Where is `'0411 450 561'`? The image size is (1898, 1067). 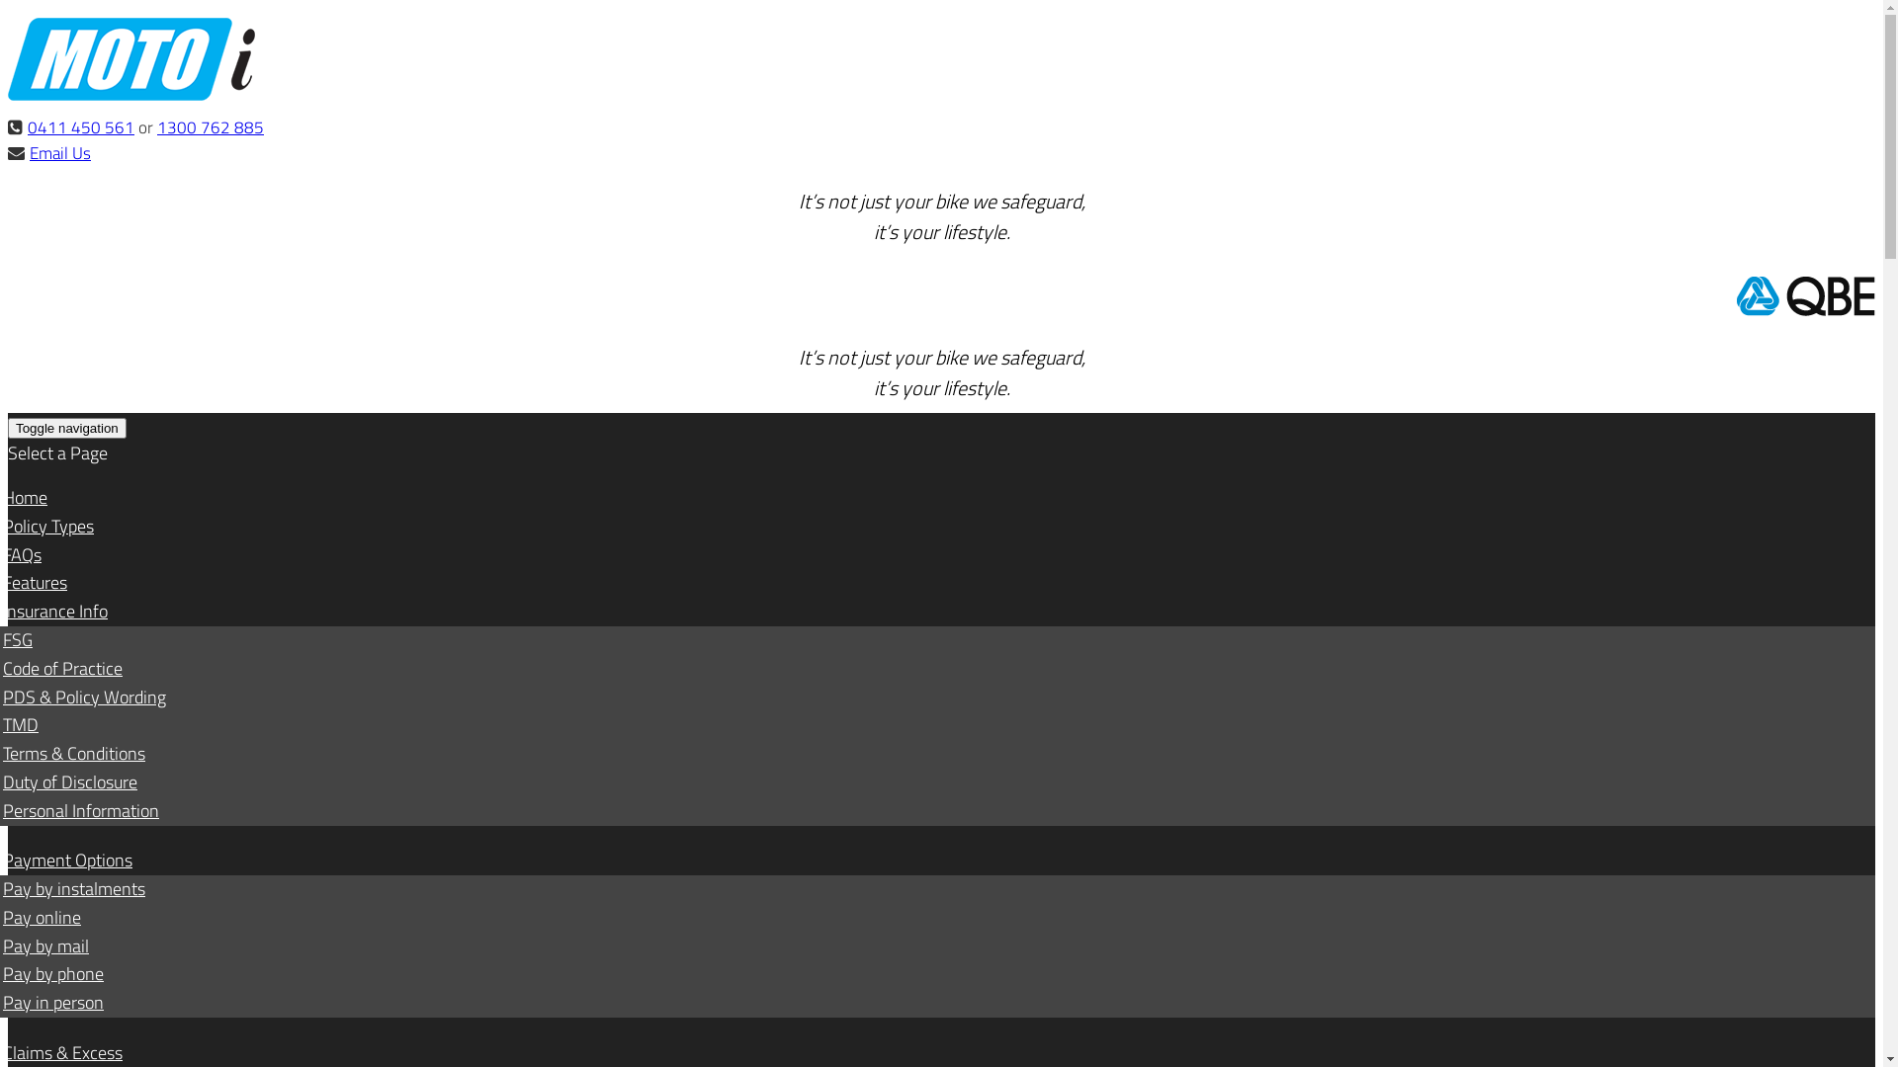
'0411 450 561' is located at coordinates (79, 126).